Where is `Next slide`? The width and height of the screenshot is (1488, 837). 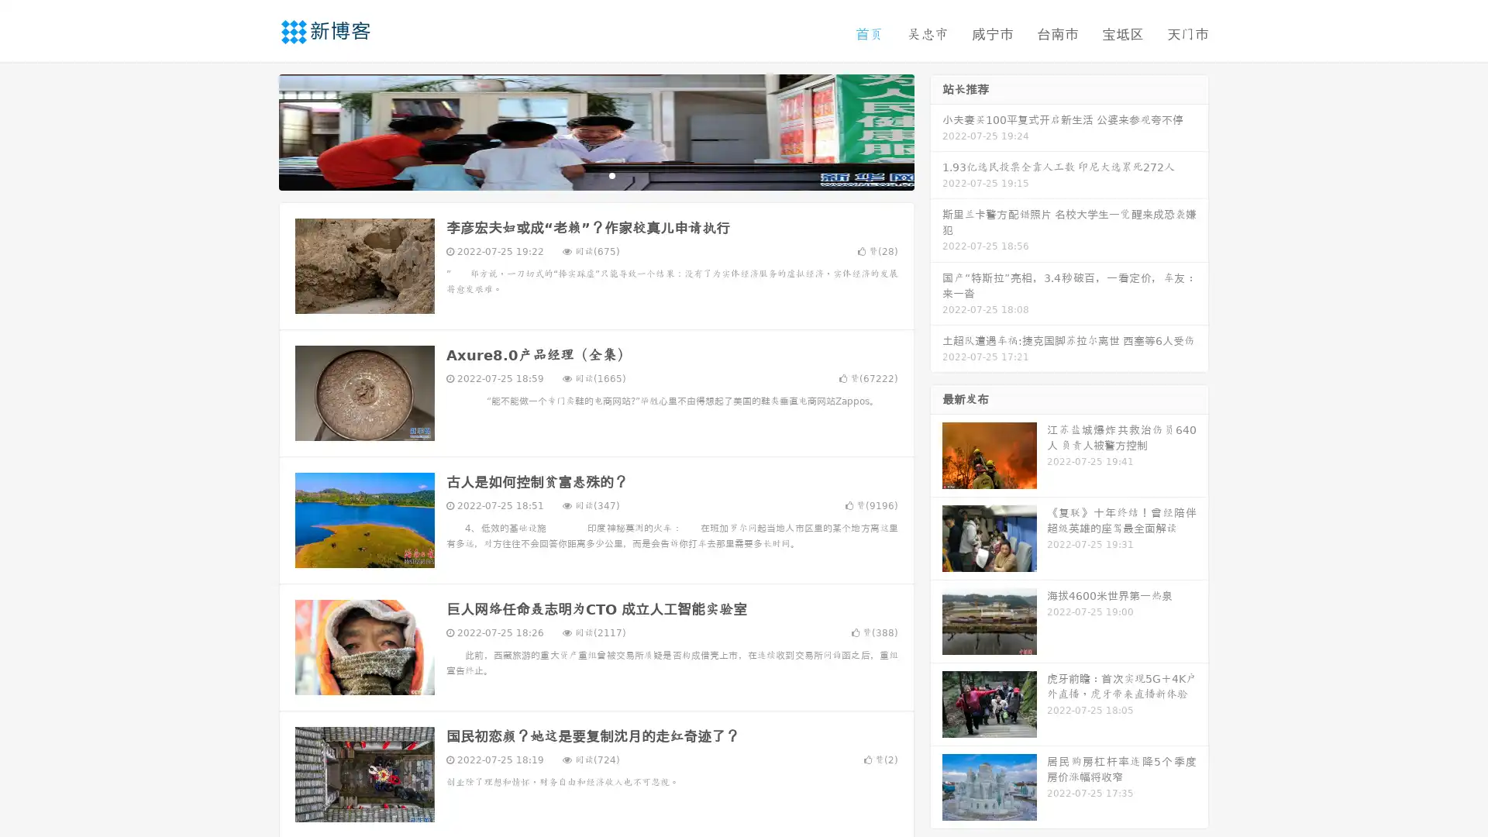
Next slide is located at coordinates (936, 130).